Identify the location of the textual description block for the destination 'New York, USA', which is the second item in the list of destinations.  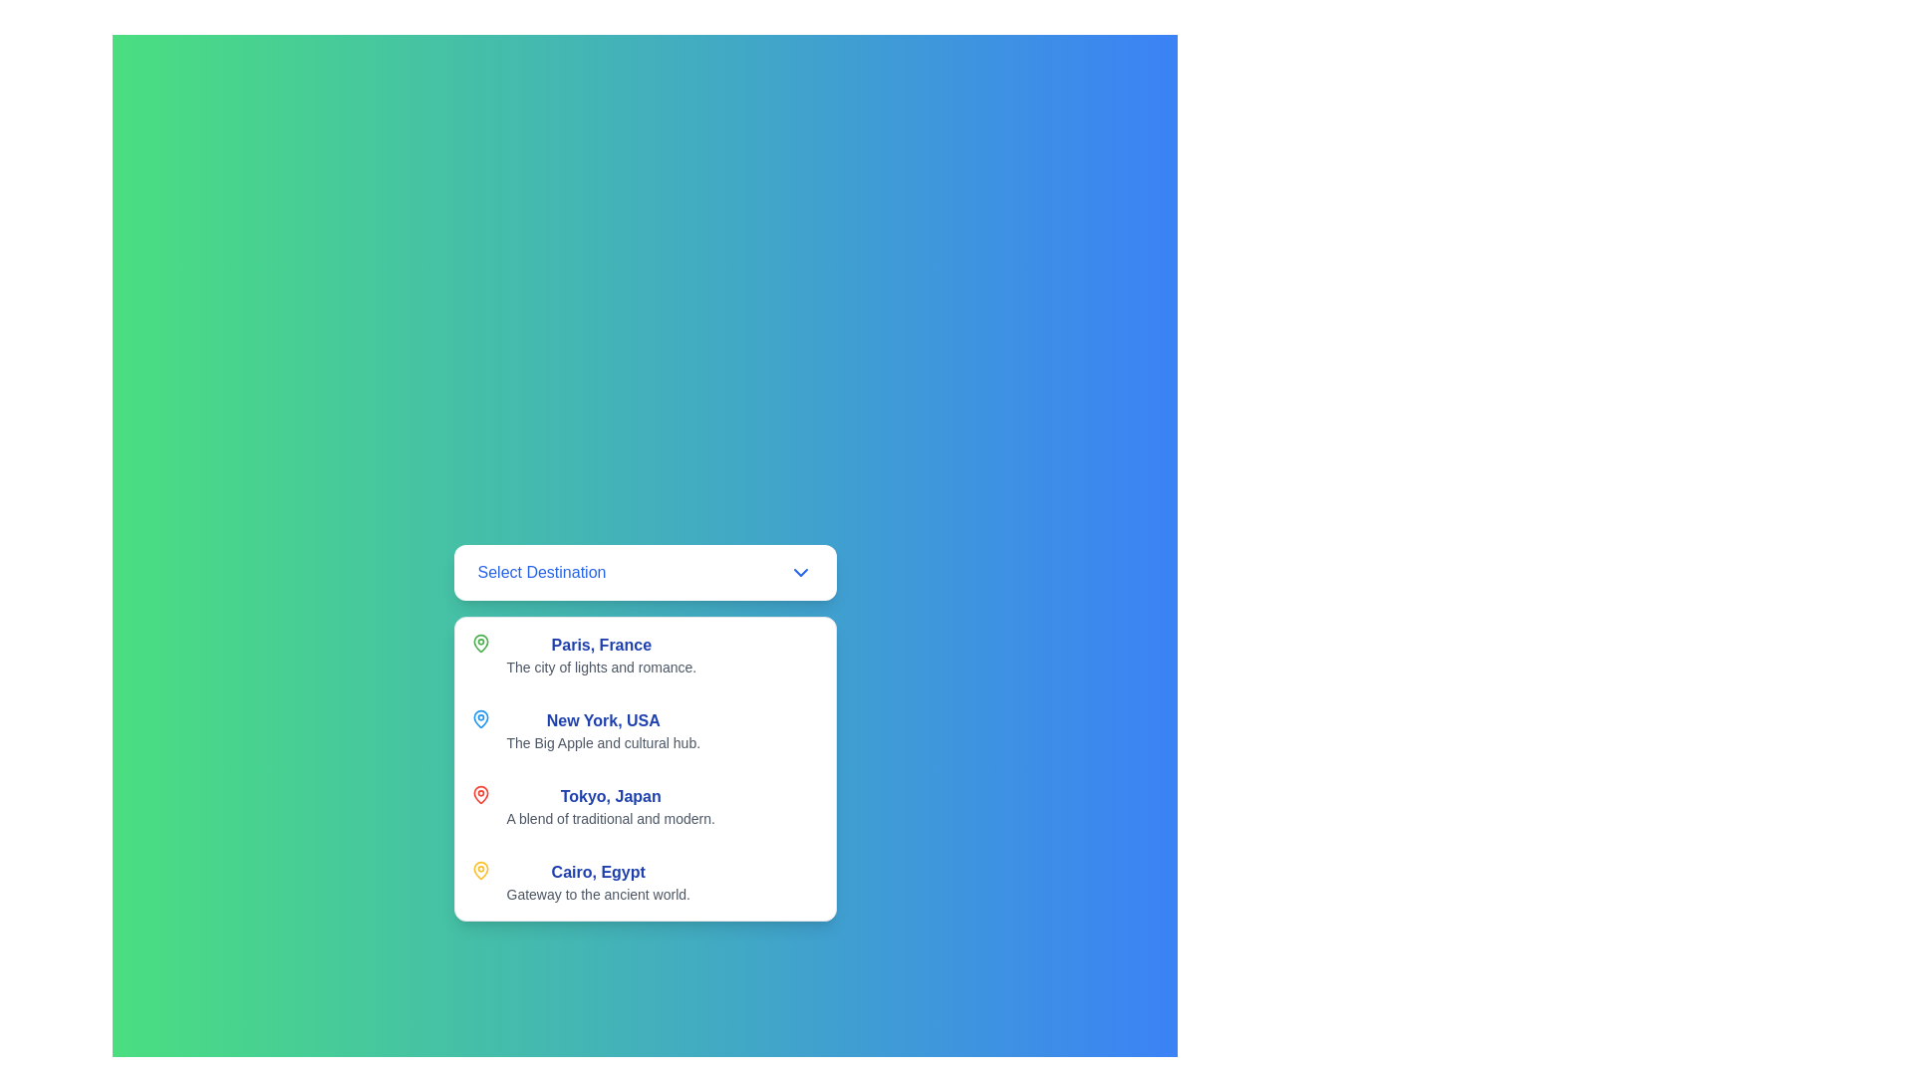
(602, 730).